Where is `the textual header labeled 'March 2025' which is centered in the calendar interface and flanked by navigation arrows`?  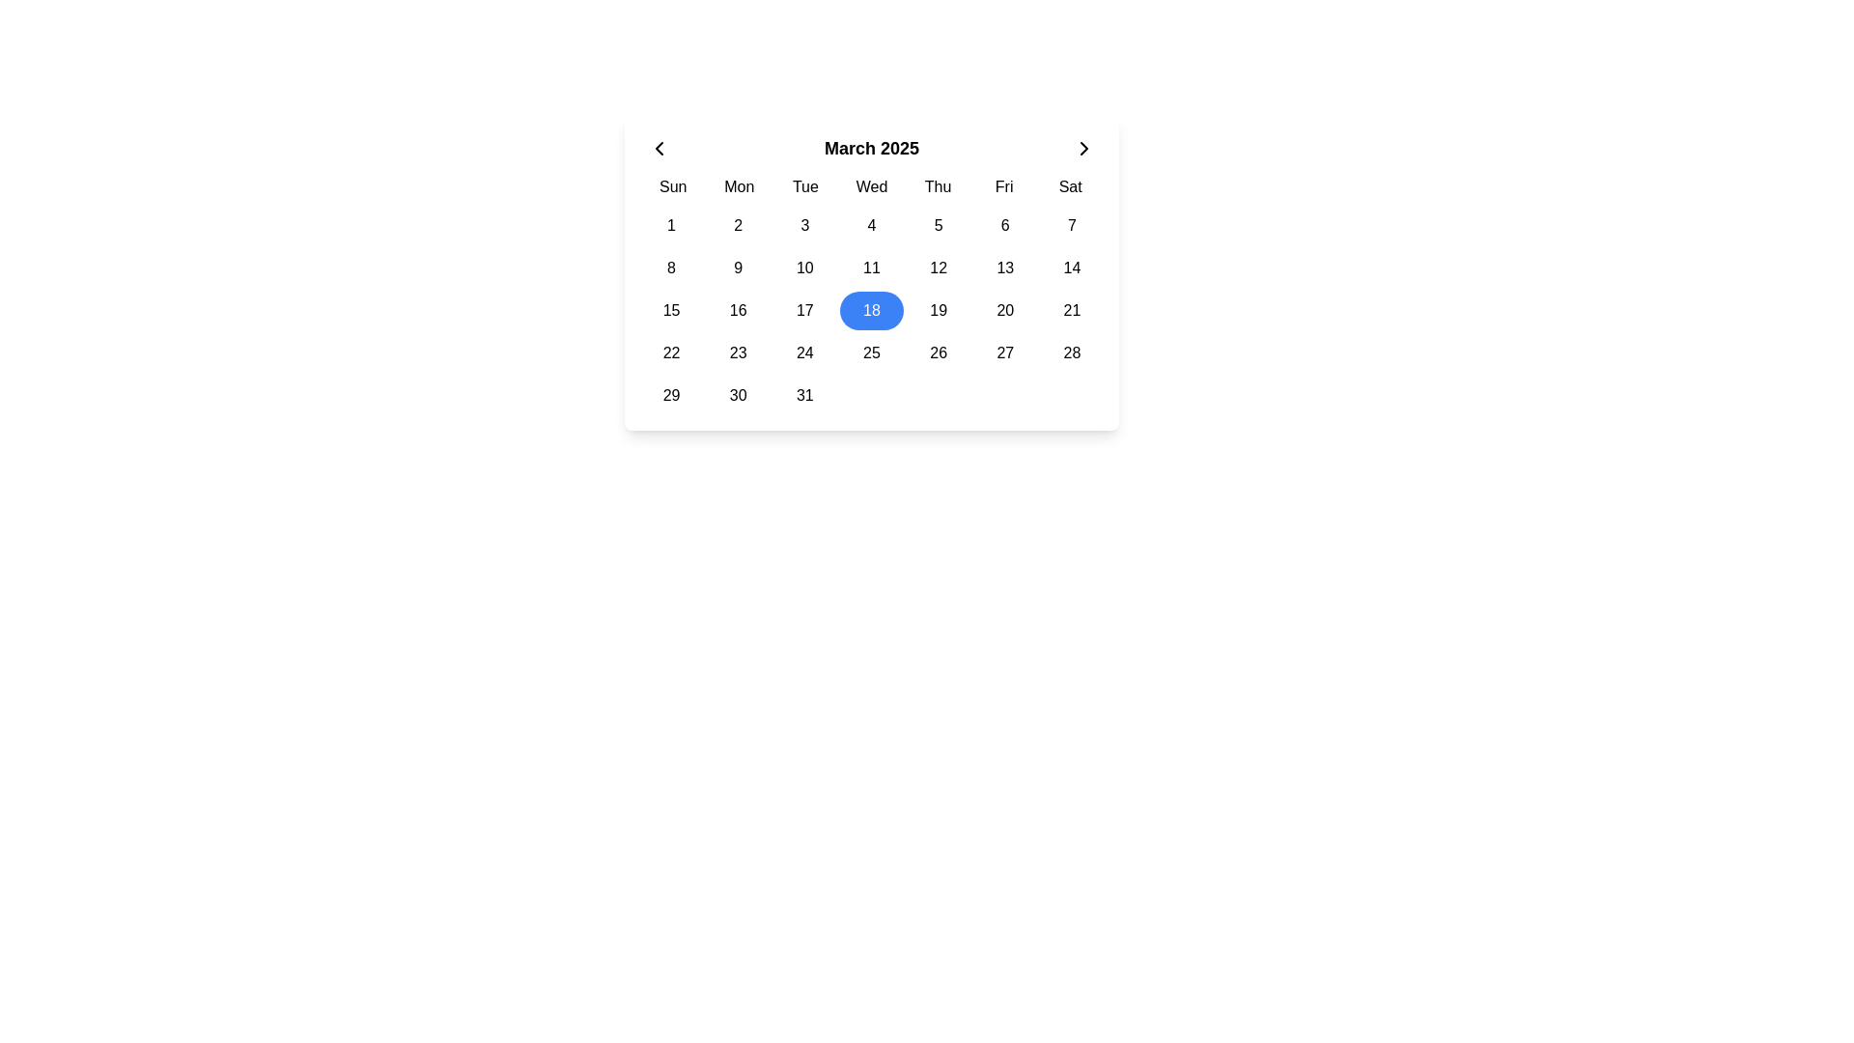
the textual header labeled 'March 2025' which is centered in the calendar interface and flanked by navigation arrows is located at coordinates (870, 148).